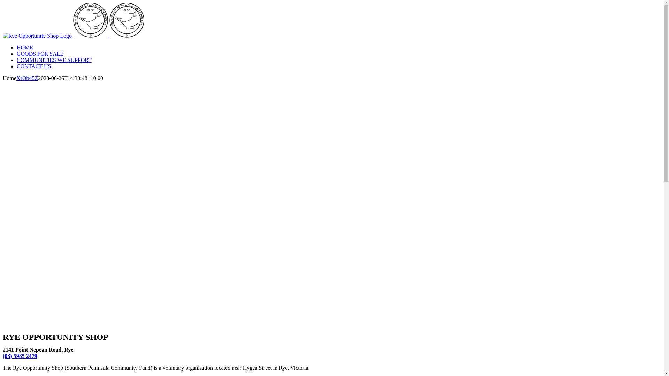  Describe the element at coordinates (54, 60) in the screenshot. I see `'COMMUNITIES WE SUPPORT'` at that location.